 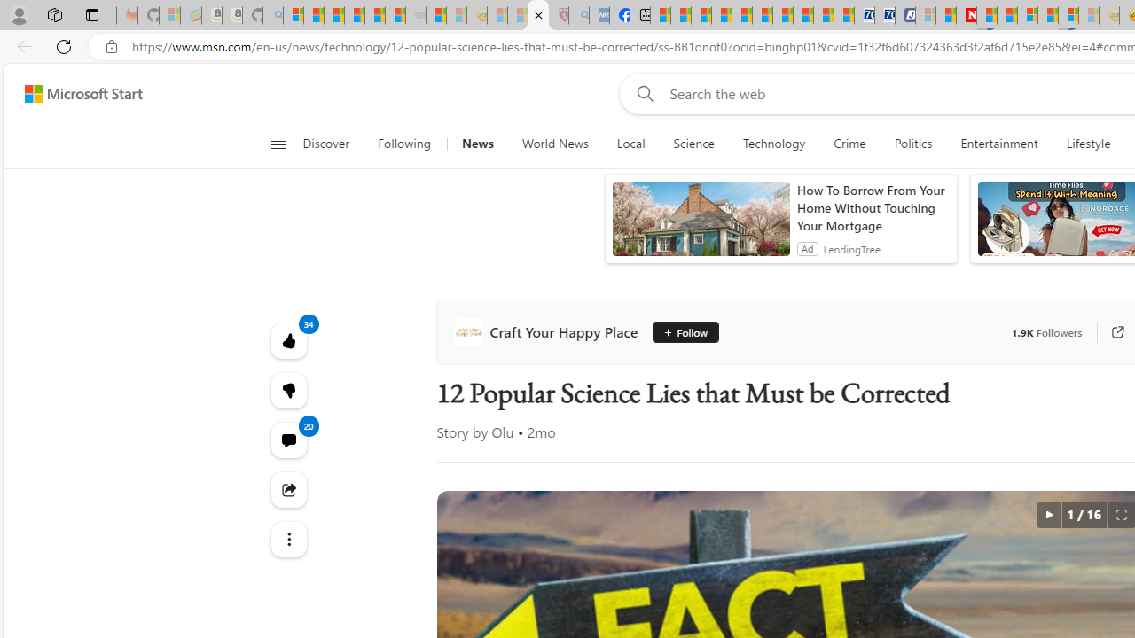 I want to click on 'Share this story', so click(x=288, y=489).